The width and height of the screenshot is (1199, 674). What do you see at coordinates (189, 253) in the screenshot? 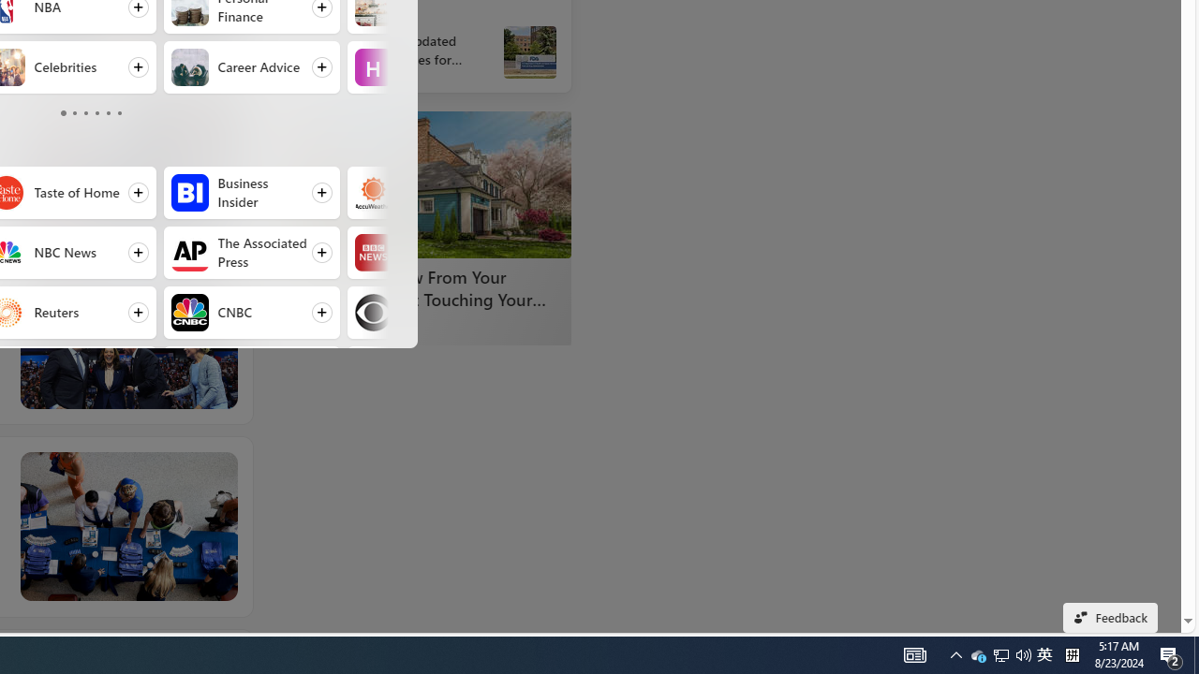
I see `'The Associated Press'` at bounding box center [189, 253].